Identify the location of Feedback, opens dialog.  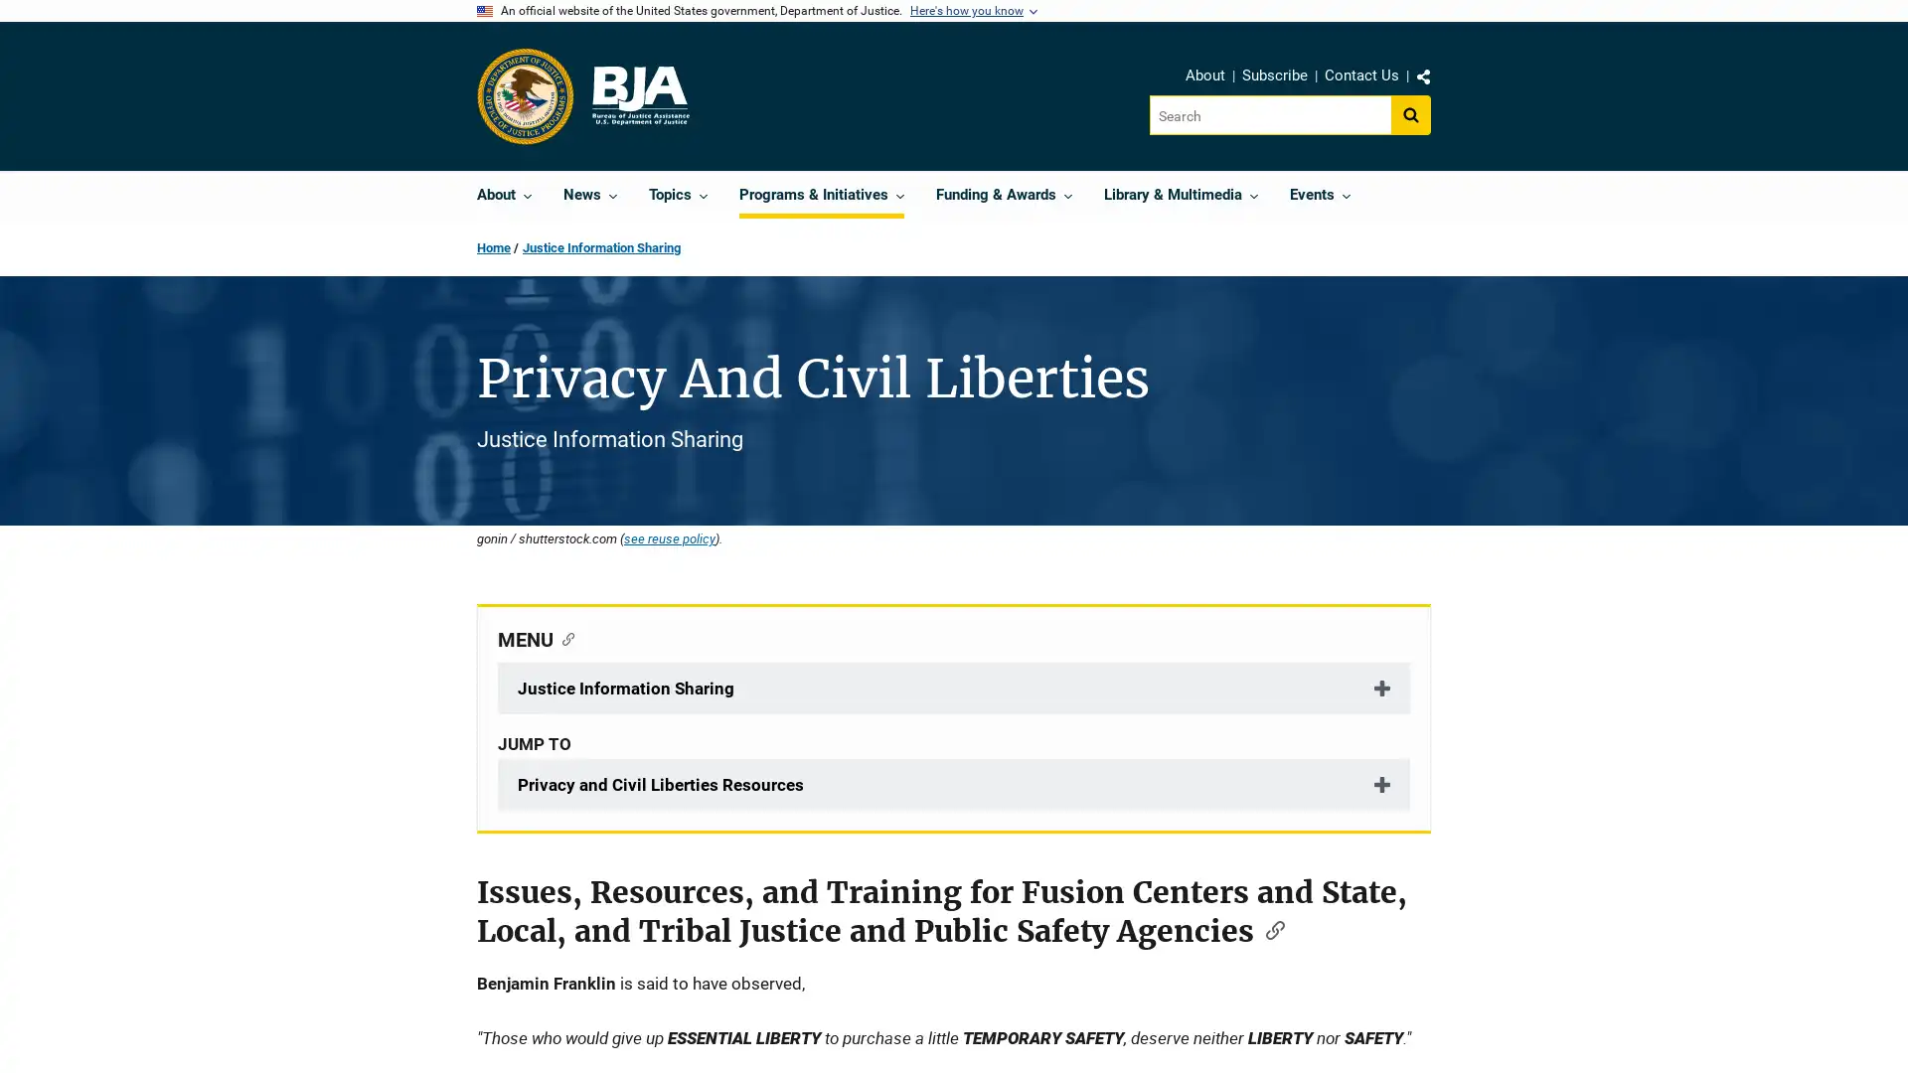
(1878, 416).